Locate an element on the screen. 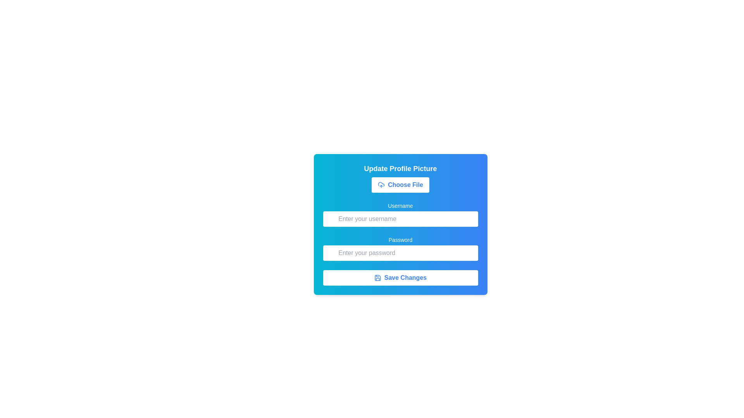 This screenshot has height=418, width=744. the save icon located within the 'Save Changes' button at the bottom of the form component is located at coordinates (377, 277).